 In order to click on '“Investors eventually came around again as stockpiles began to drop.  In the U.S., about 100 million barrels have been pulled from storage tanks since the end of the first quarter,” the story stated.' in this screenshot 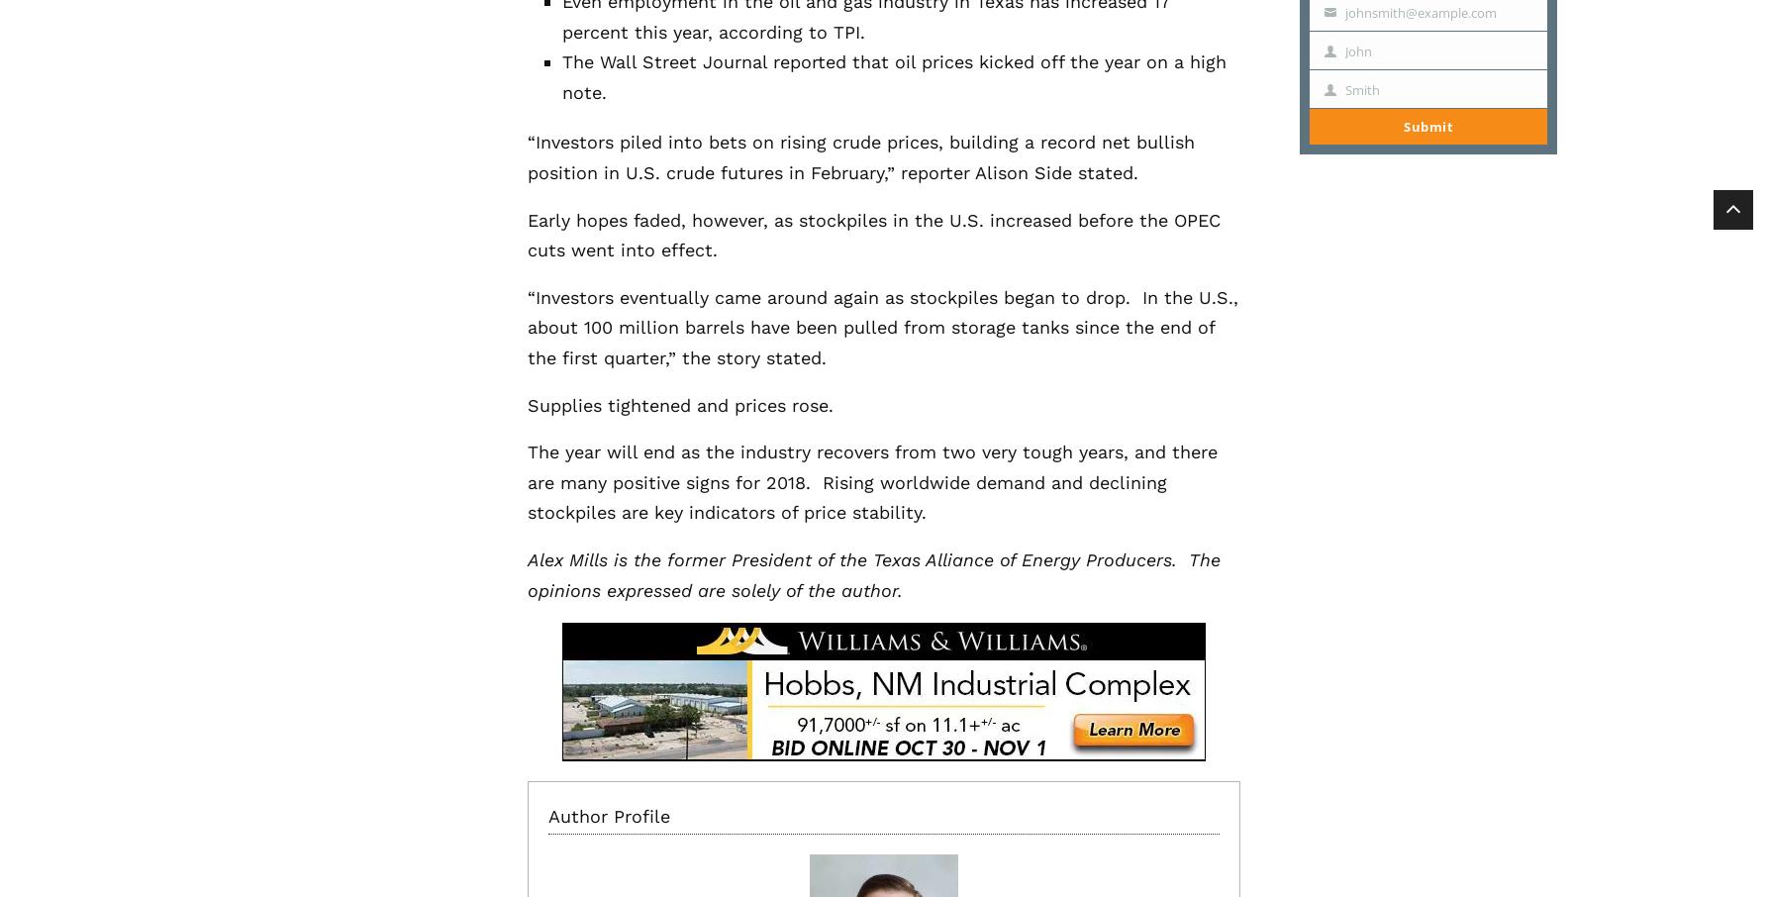, I will do `click(881, 327)`.